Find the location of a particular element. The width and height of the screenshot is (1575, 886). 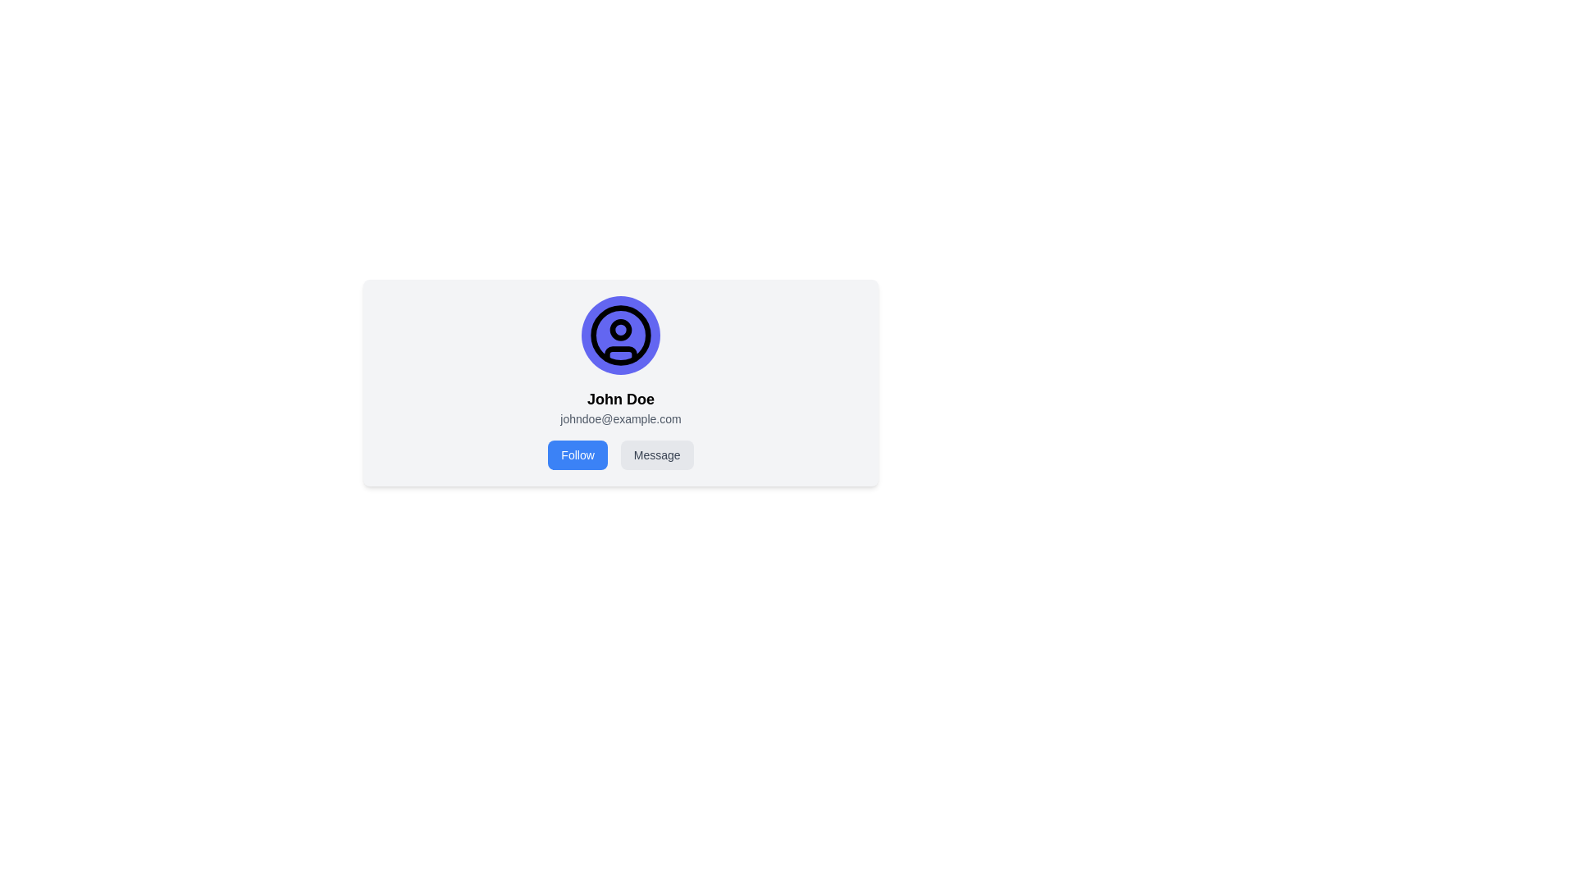

the circular profile icon representing the user, which is centrally located within the user avatar graphic is located at coordinates (620, 334).